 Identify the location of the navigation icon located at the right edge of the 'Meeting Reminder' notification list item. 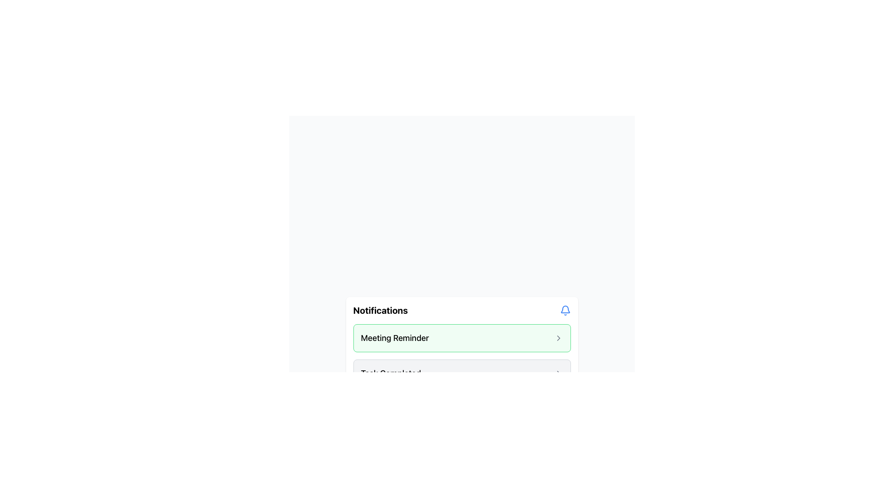
(558, 338).